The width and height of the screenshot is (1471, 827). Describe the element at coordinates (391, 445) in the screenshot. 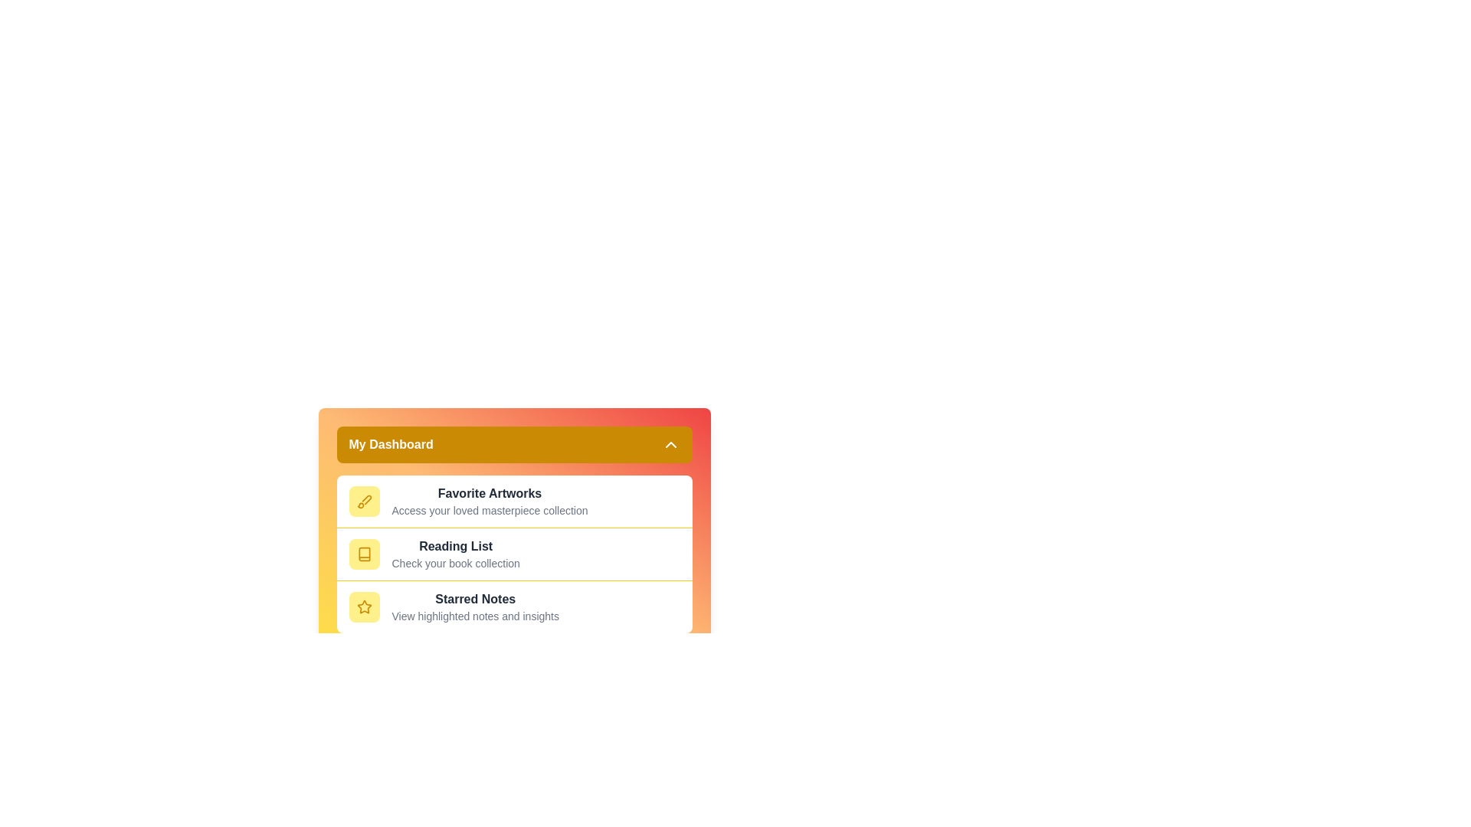

I see `the text label reading 'My Dashboard' which is styled with white text on a yellow background, located on the left side of the header bar` at that location.